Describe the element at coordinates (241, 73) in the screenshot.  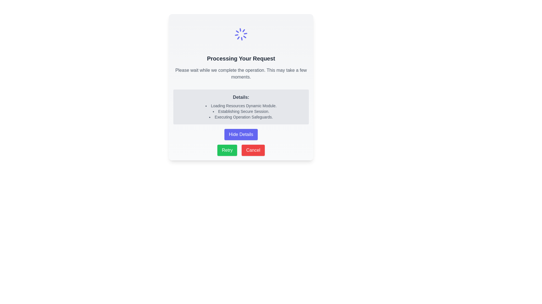
I see `the text block that displays the message 'Please wait while we complete the operation. This may take a few moments.' positioned below the title 'Processing Your Request'` at that location.